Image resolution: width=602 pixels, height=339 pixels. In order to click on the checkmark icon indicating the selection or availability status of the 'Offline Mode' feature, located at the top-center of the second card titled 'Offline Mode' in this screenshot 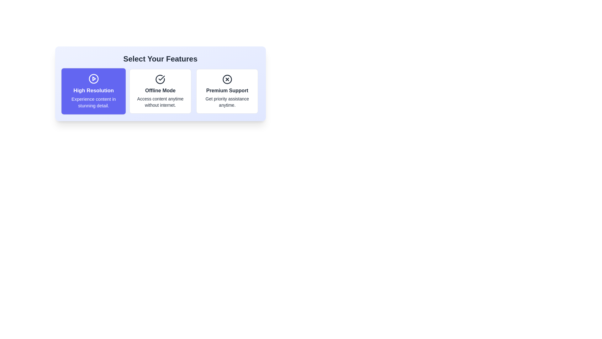, I will do `click(160, 79)`.